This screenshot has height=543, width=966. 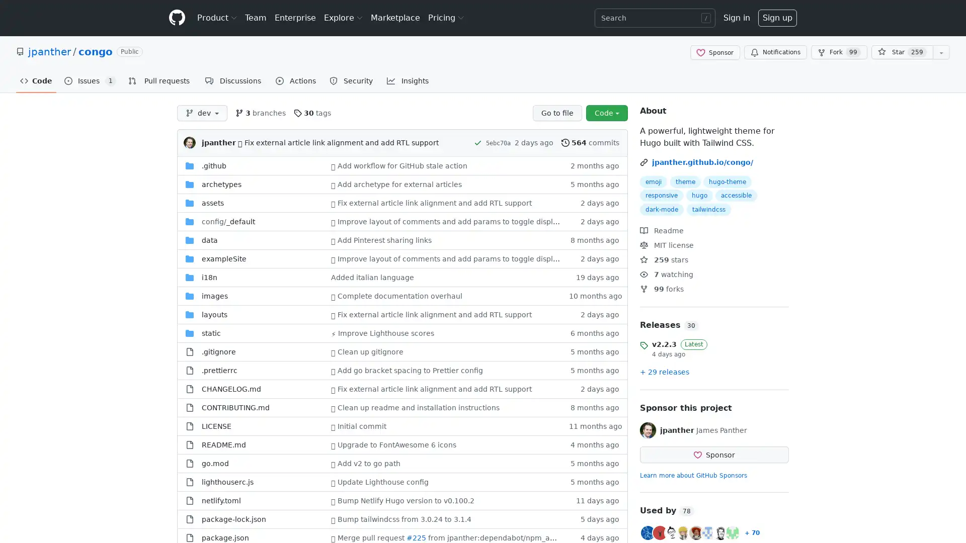 What do you see at coordinates (941, 52) in the screenshot?
I see `You must be signed in to add this repository to a list` at bounding box center [941, 52].